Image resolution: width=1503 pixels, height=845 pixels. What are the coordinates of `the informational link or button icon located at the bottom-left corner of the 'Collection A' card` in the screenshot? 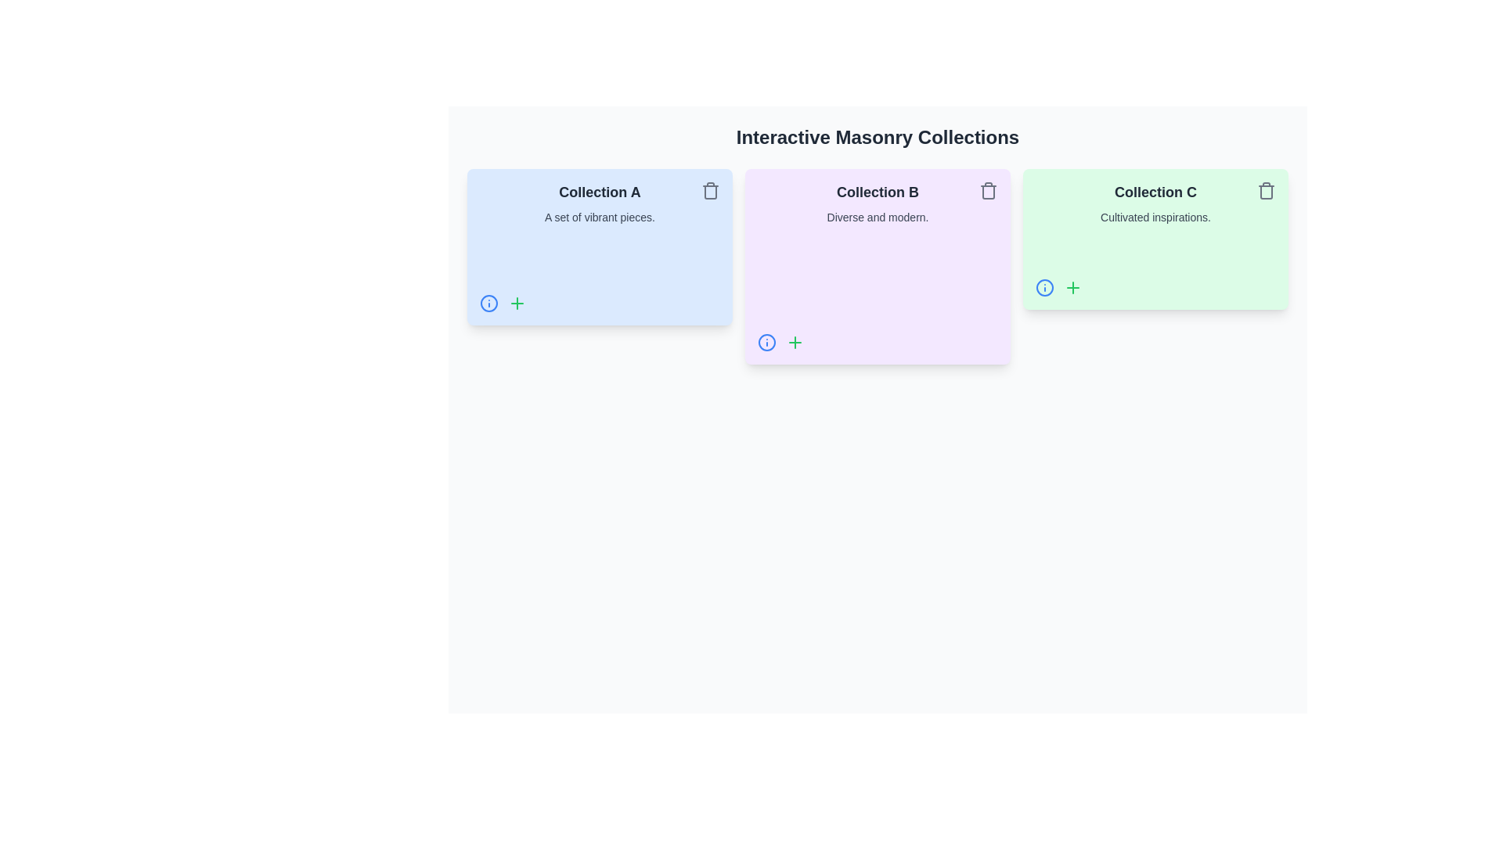 It's located at (488, 304).